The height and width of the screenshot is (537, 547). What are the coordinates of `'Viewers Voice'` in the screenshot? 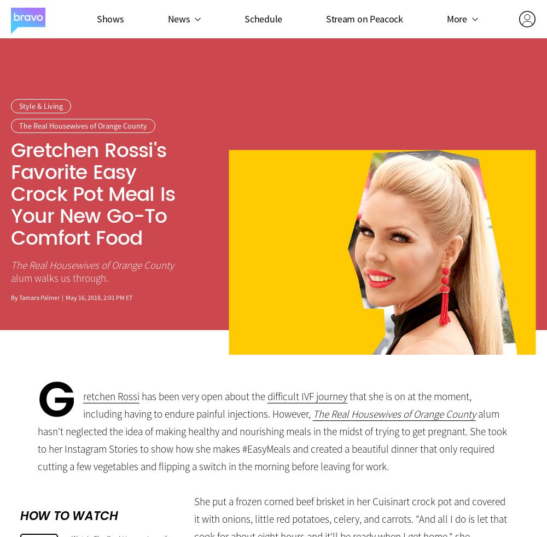 It's located at (440, 154).